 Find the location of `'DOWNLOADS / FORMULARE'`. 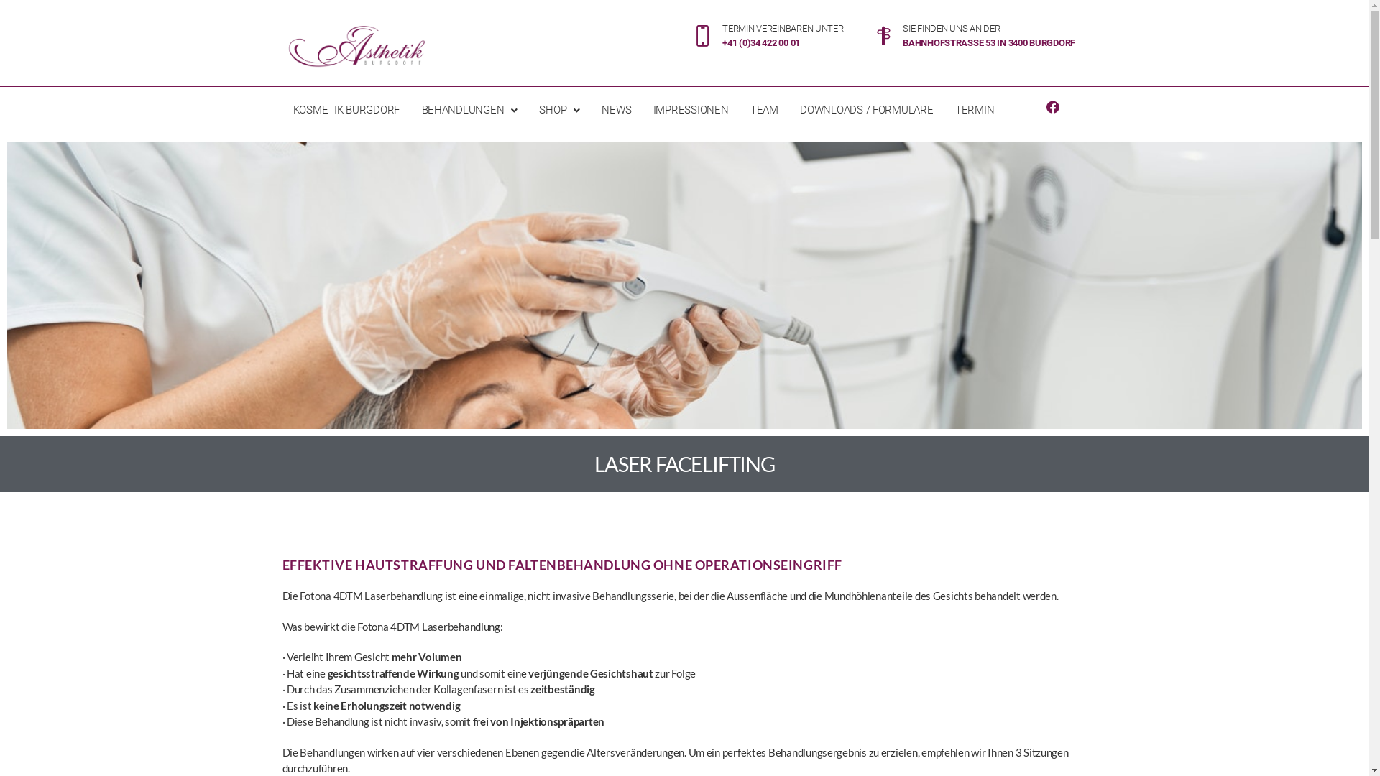

'DOWNLOADS / FORMULARE' is located at coordinates (865, 109).